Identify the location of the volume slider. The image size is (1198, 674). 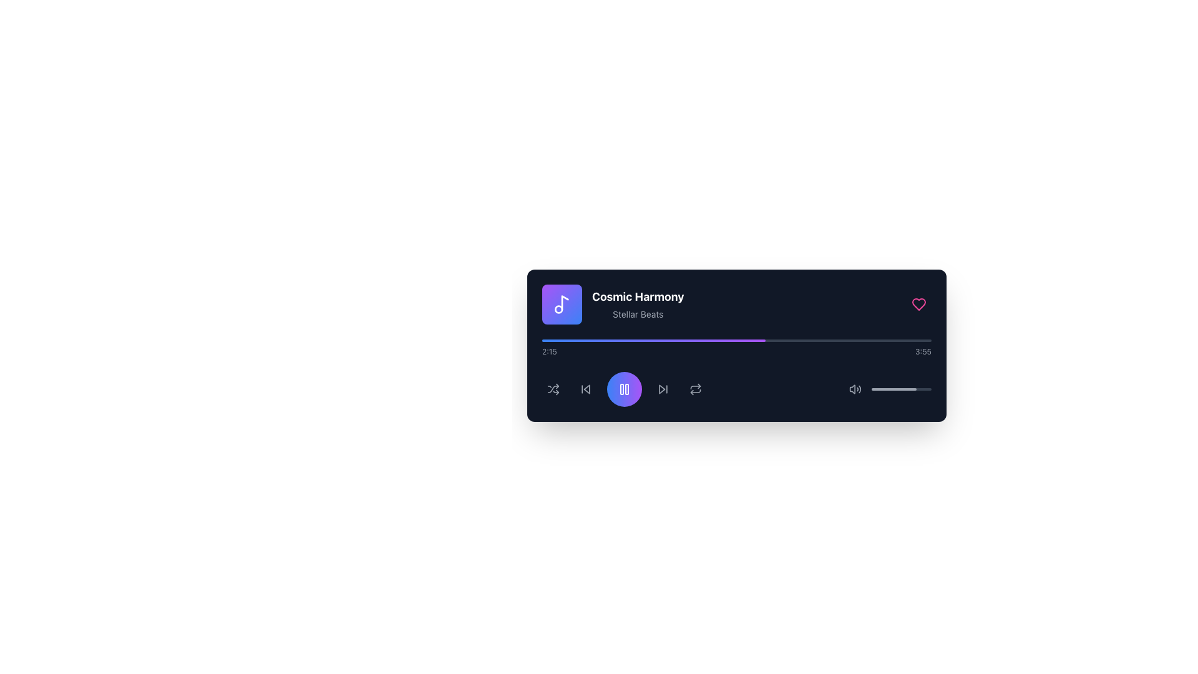
(890, 389).